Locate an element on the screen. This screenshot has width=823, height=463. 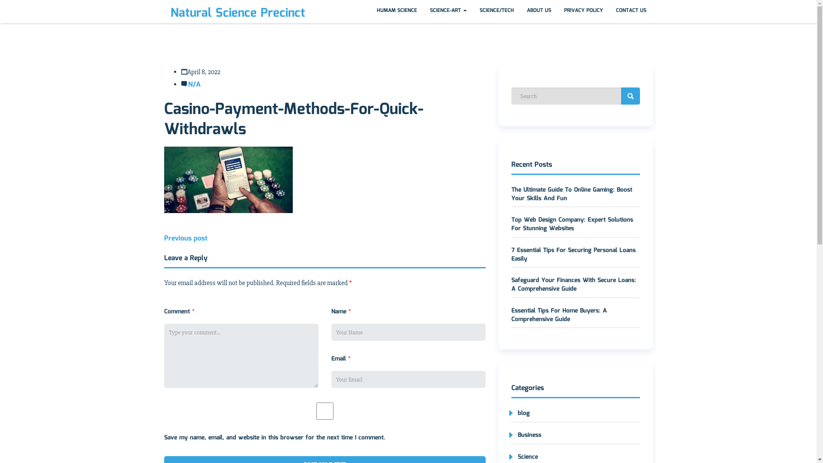
'N/A' is located at coordinates (193, 84).